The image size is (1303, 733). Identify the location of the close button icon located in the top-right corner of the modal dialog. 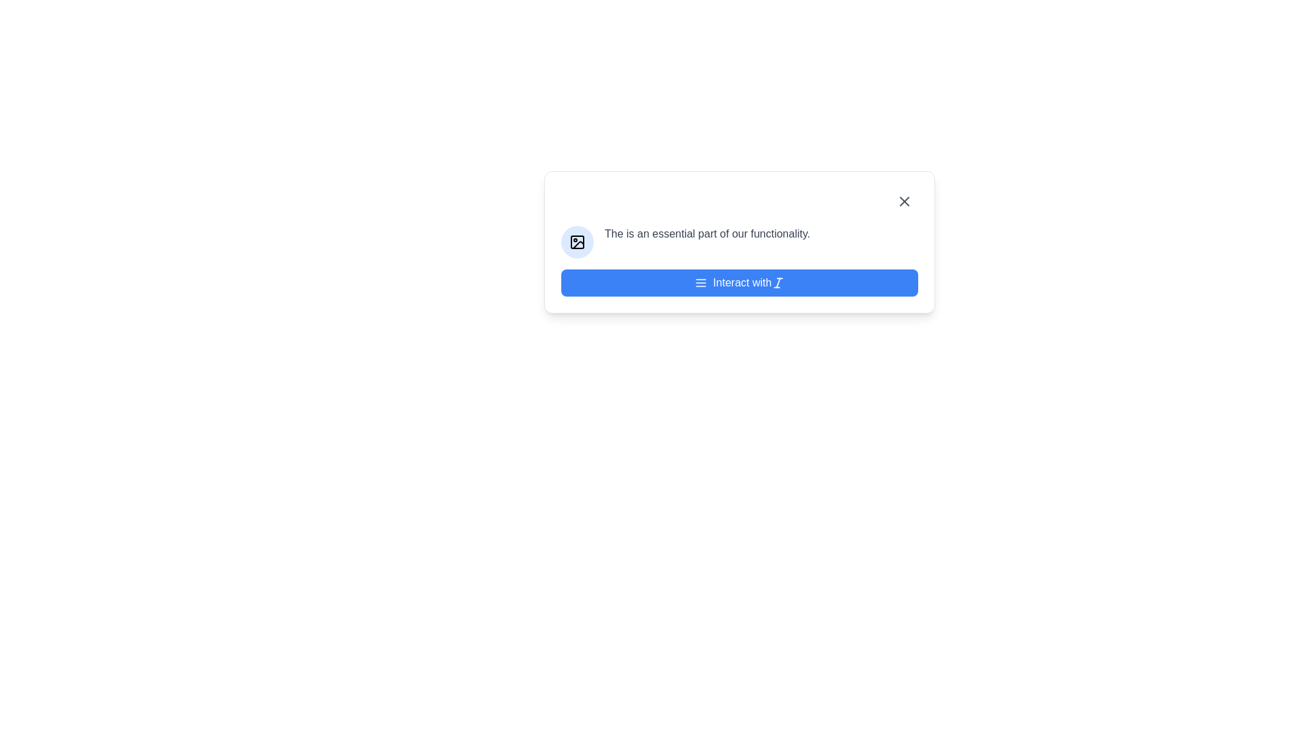
(905, 202).